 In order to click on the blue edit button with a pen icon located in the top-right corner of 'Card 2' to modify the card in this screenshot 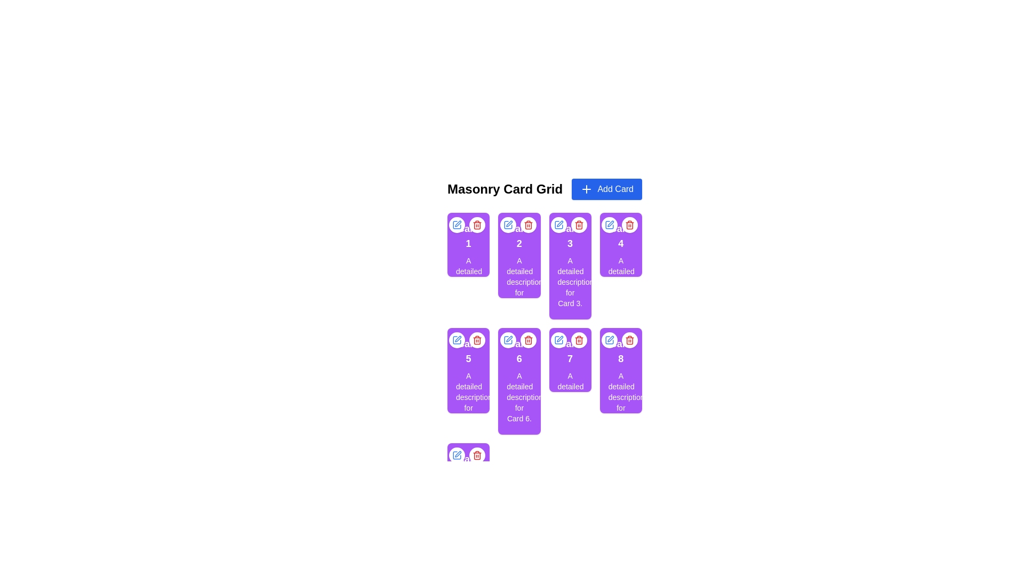, I will do `click(518, 224)`.